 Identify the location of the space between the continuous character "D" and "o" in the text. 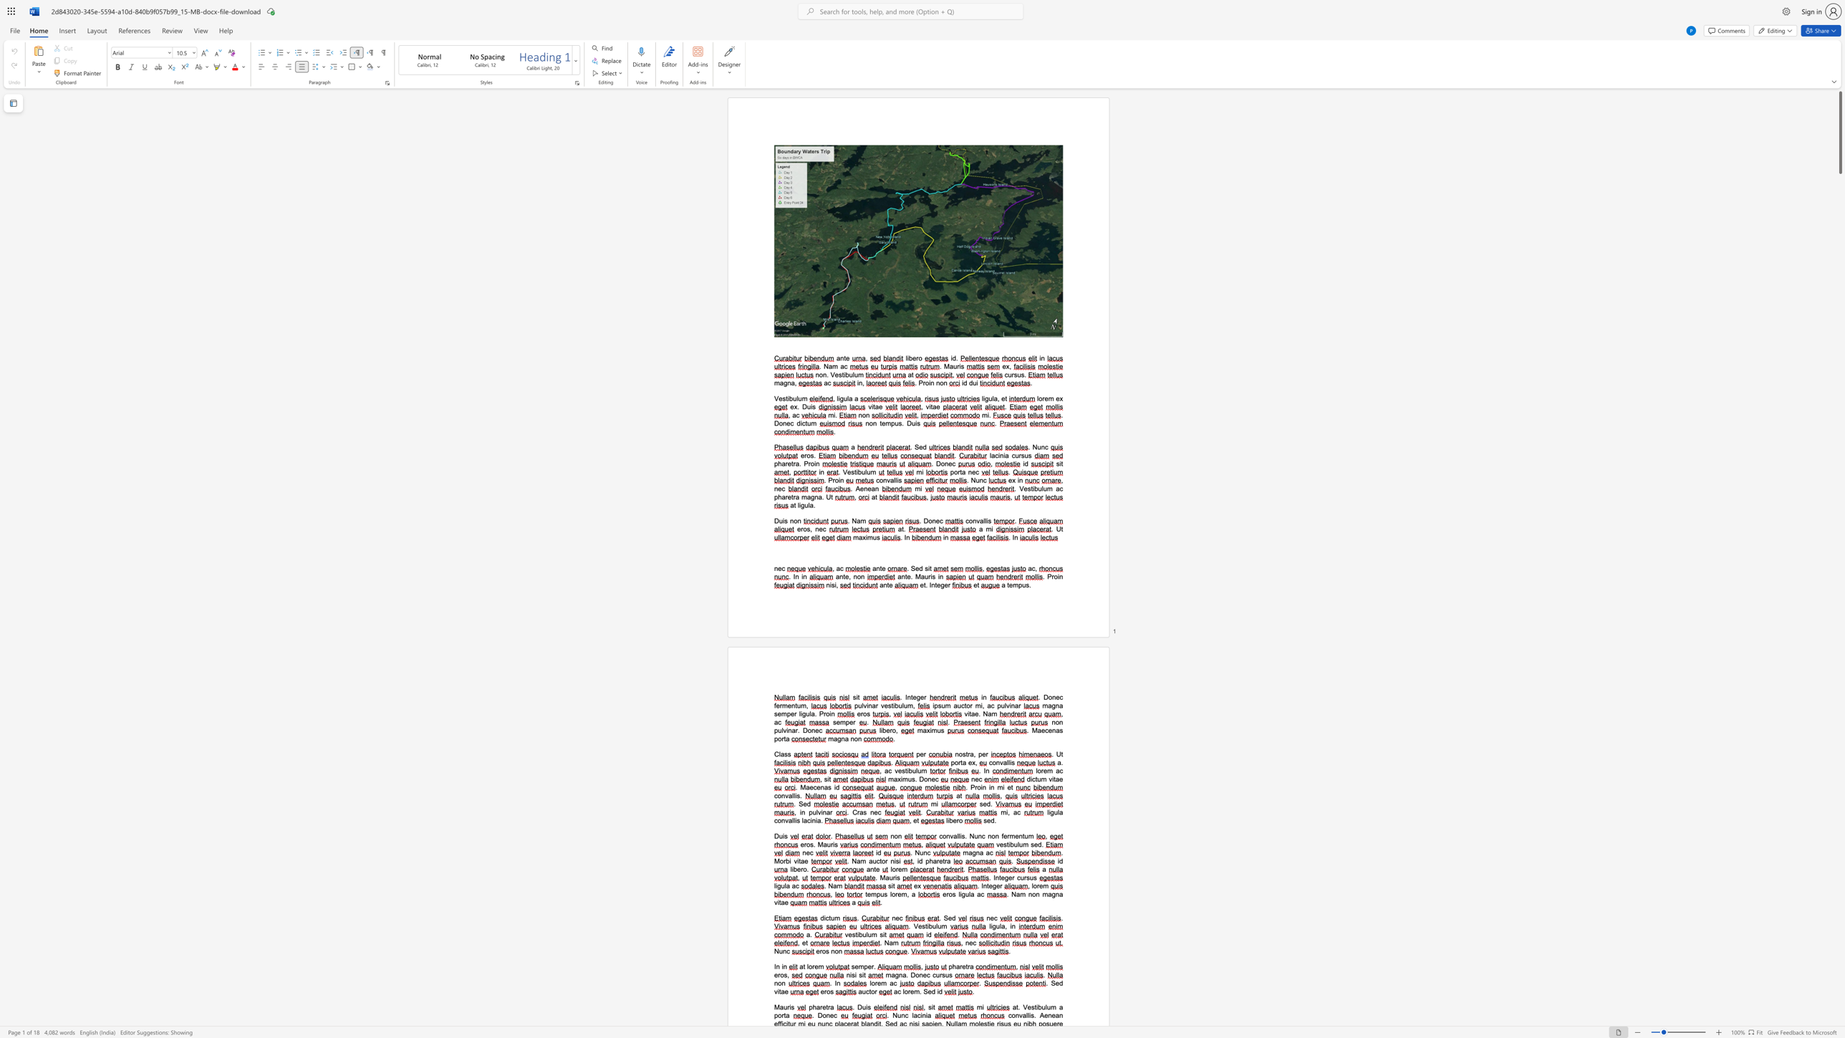
(779, 423).